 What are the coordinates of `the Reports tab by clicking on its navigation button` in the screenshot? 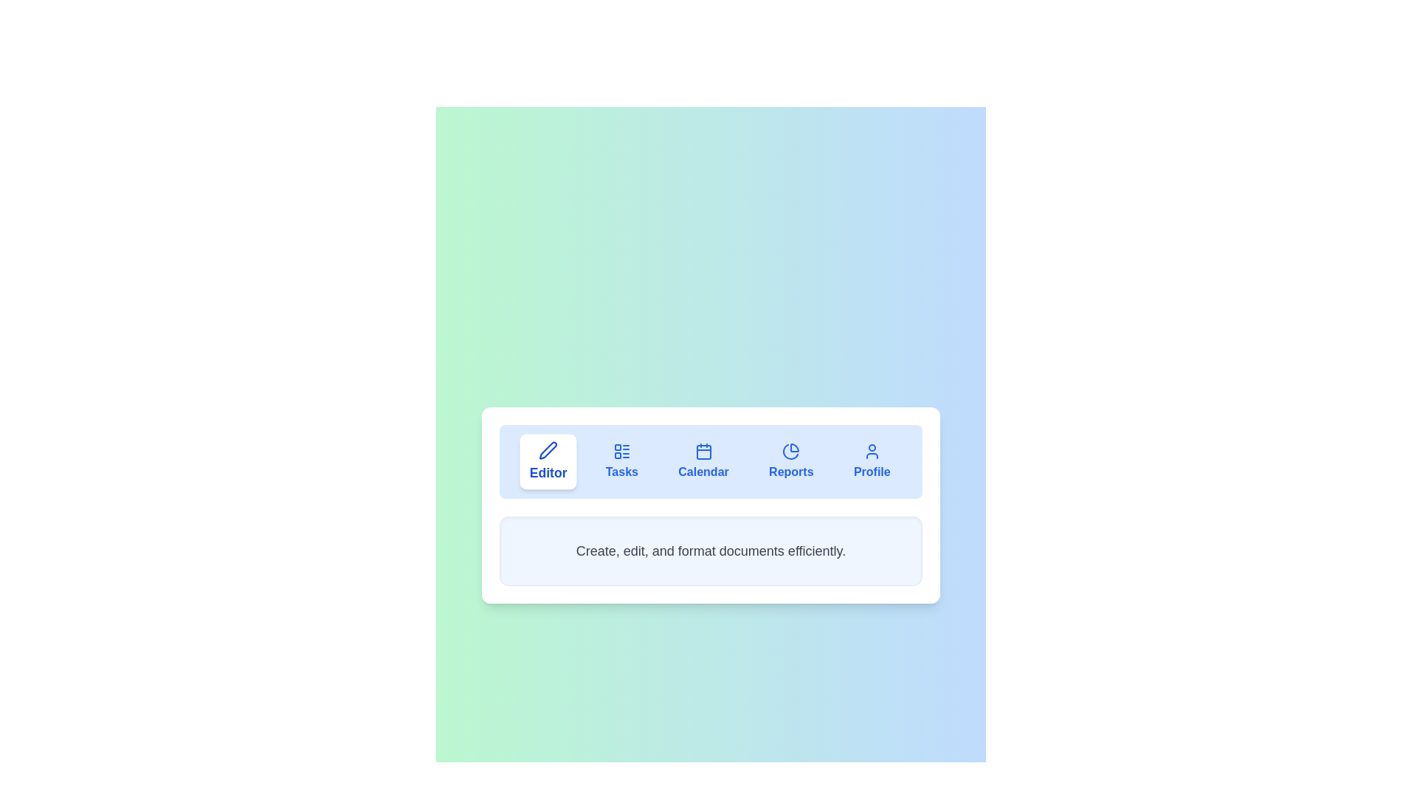 It's located at (790, 460).